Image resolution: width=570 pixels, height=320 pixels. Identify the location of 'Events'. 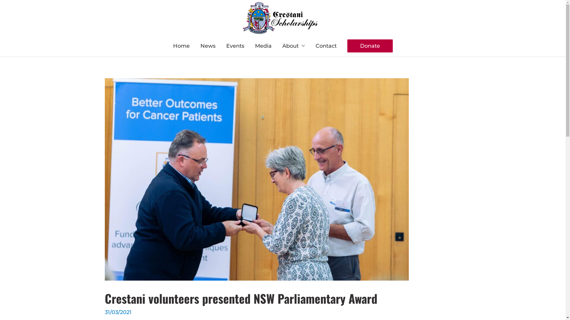
(221, 45).